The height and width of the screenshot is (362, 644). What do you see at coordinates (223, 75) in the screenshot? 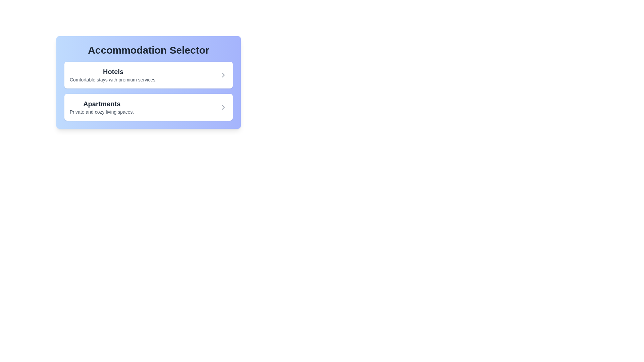
I see `the rightward-pointing chevron icon located at the far right of the 'Hotels' section` at bounding box center [223, 75].